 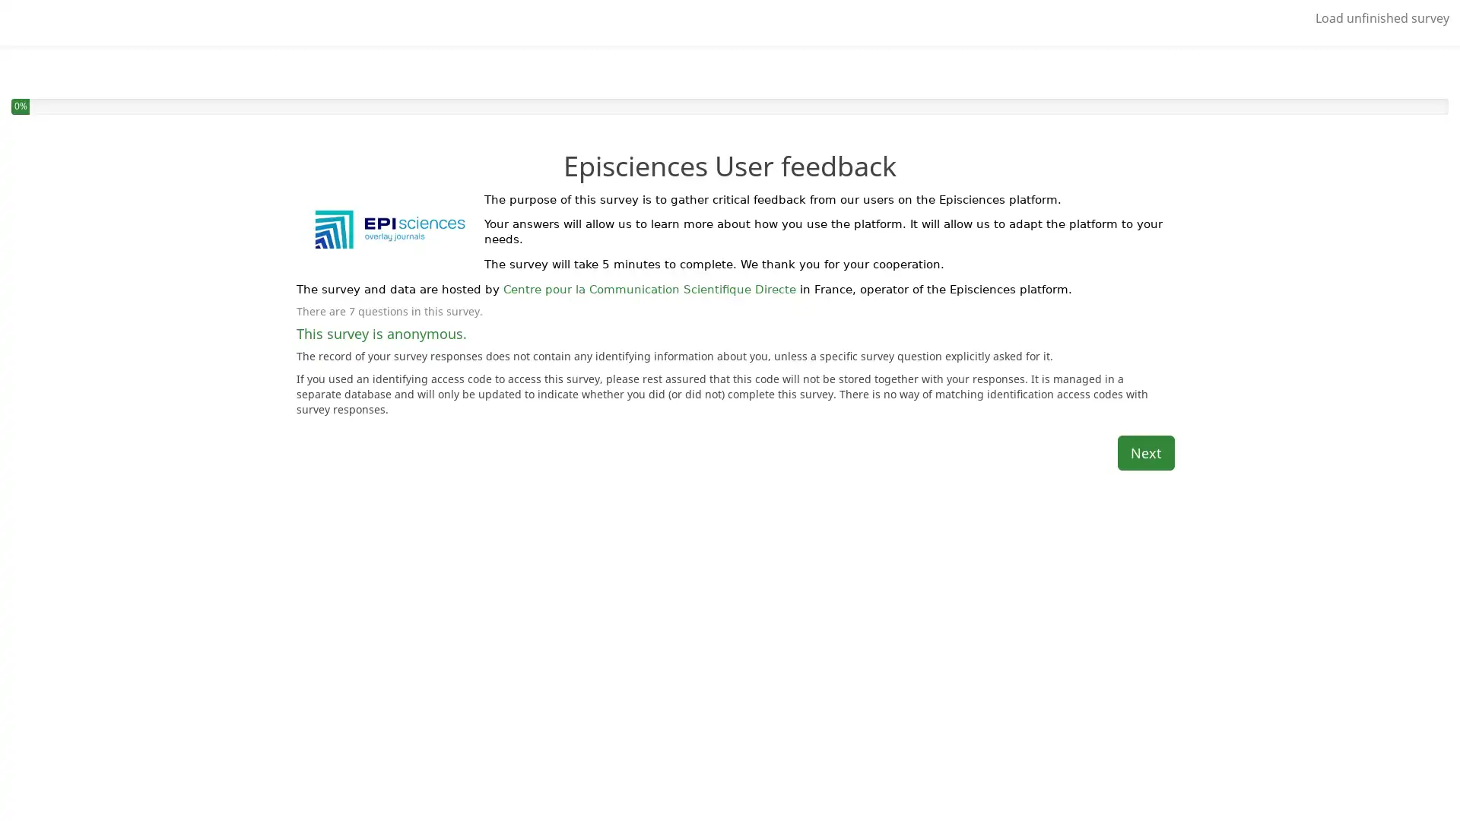 I want to click on Next, so click(x=1146, y=452).